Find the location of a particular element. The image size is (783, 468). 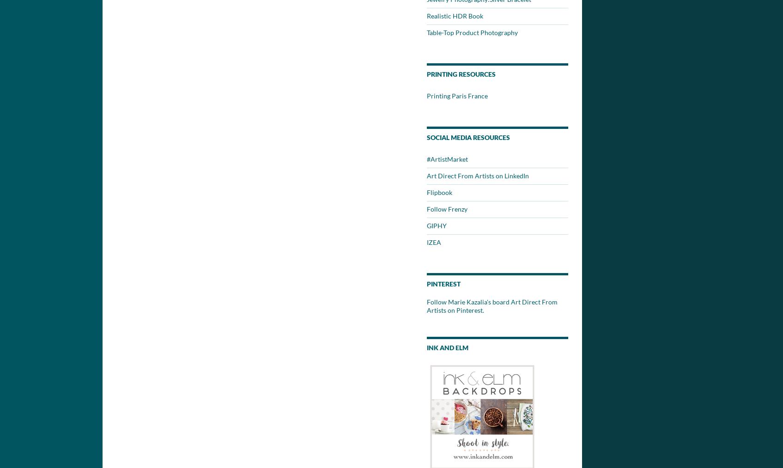

'Realistic HDR Book' is located at coordinates (426, 15).